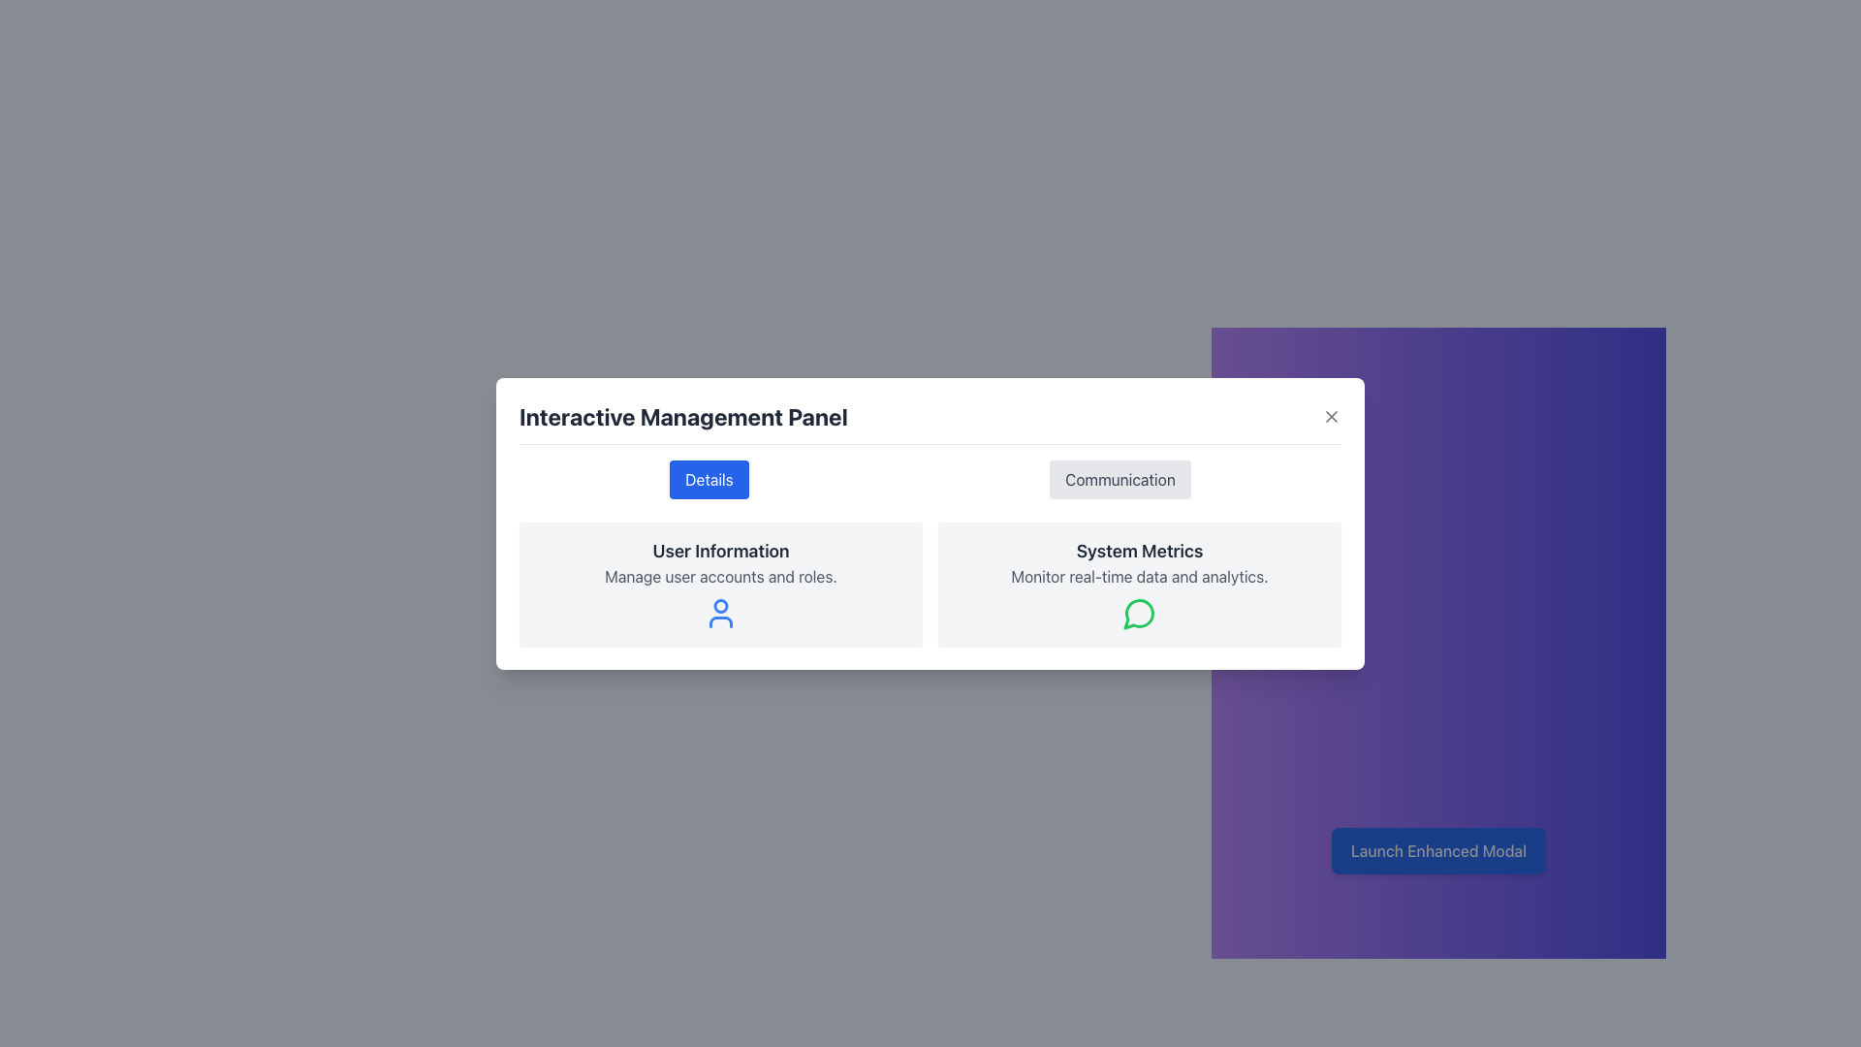 The image size is (1861, 1047). I want to click on the 'Communication' button, which is a rectangular button with a light gray background and dark gray text, positioned to the right of the 'Details' button, so click(1120, 479).